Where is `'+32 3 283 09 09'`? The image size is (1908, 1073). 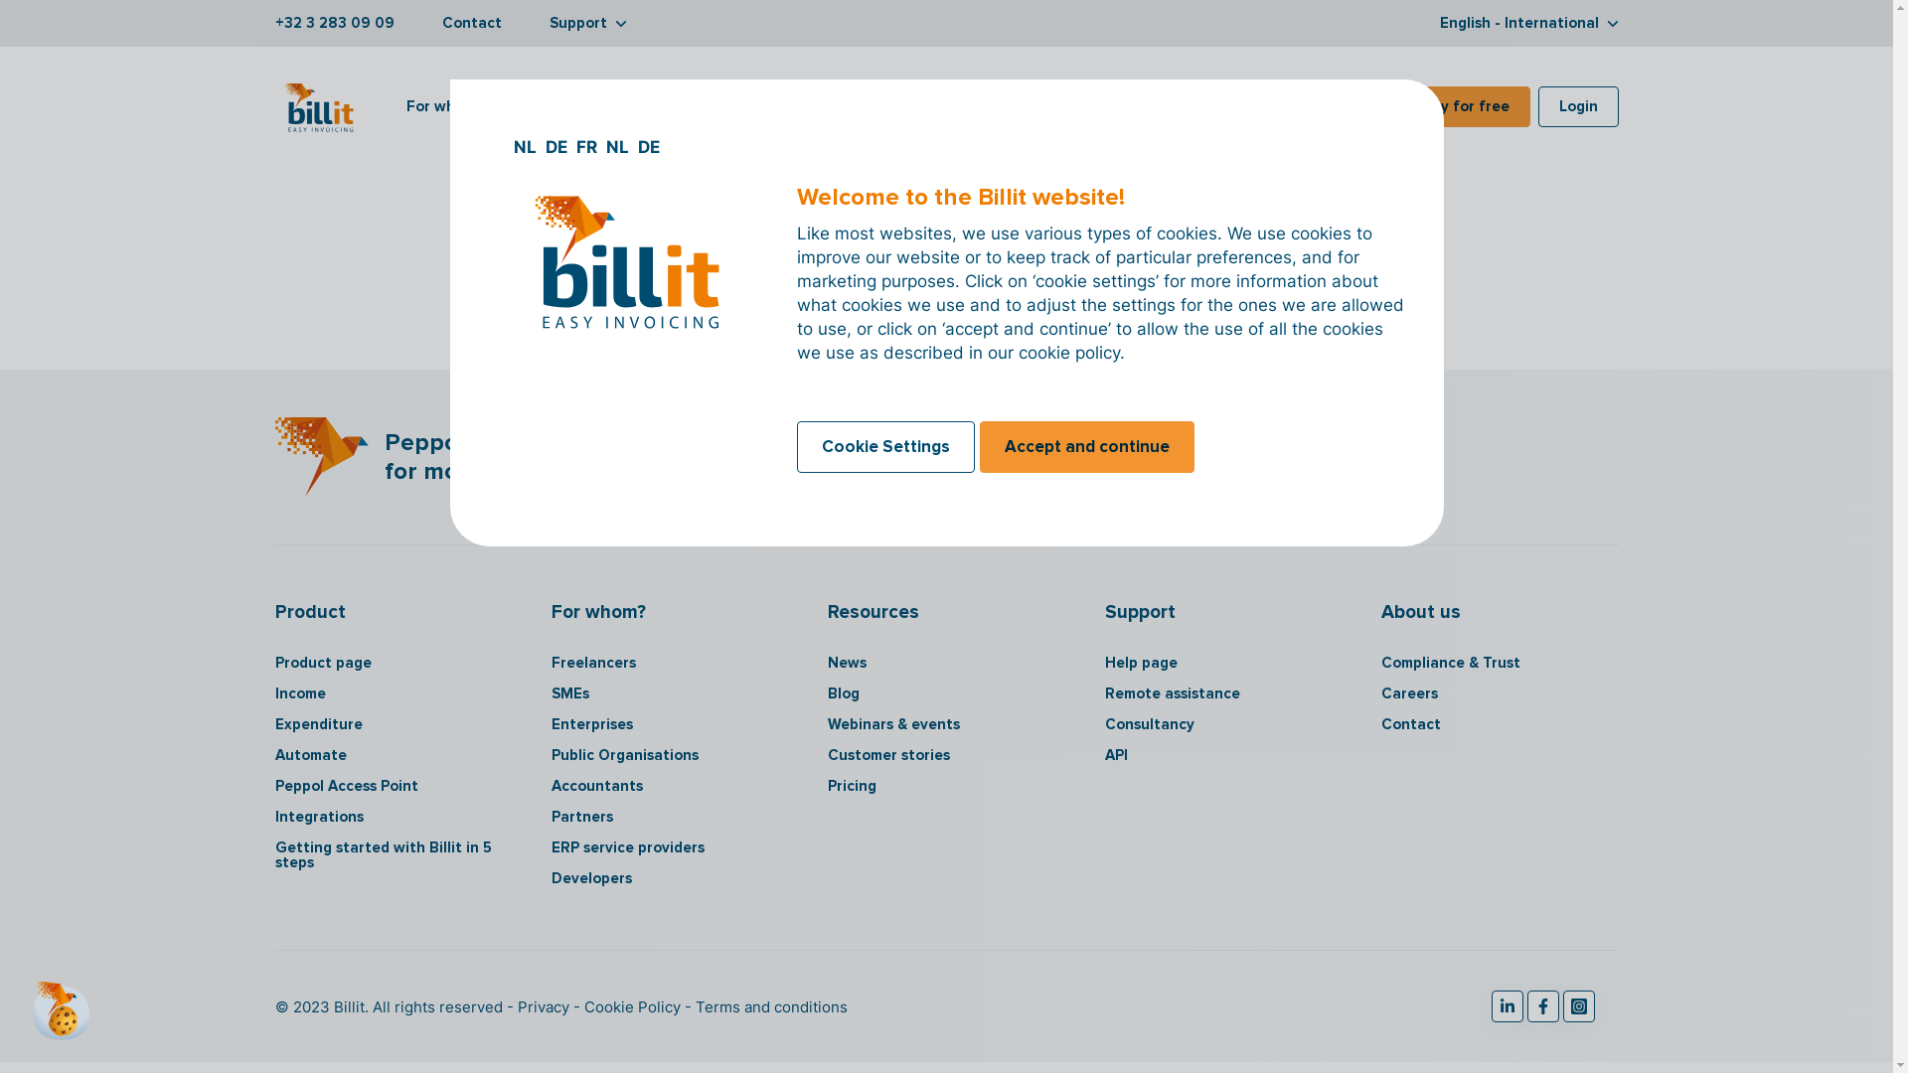
'+32 3 283 09 09' is located at coordinates (334, 23).